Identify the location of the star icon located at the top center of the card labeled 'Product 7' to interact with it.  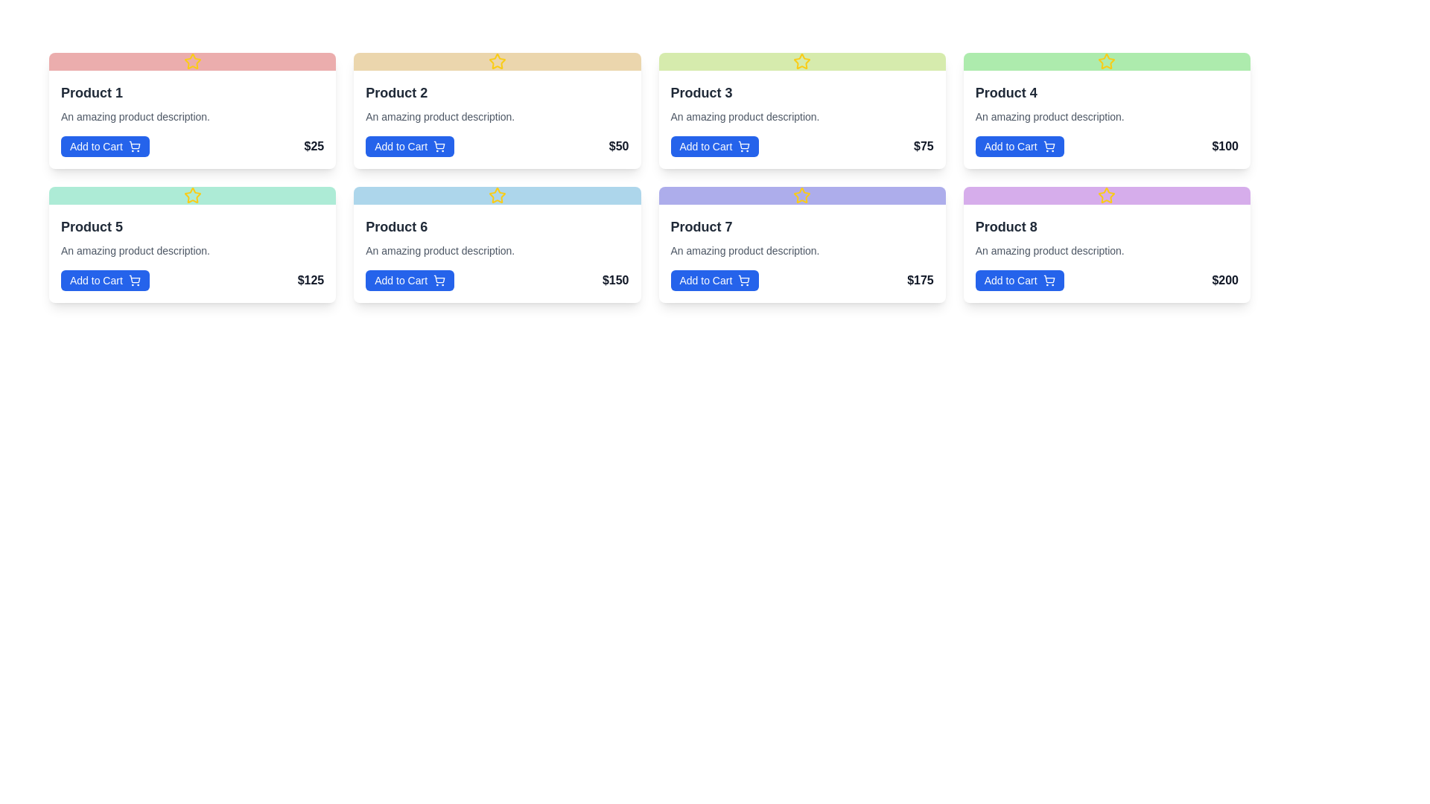
(801, 194).